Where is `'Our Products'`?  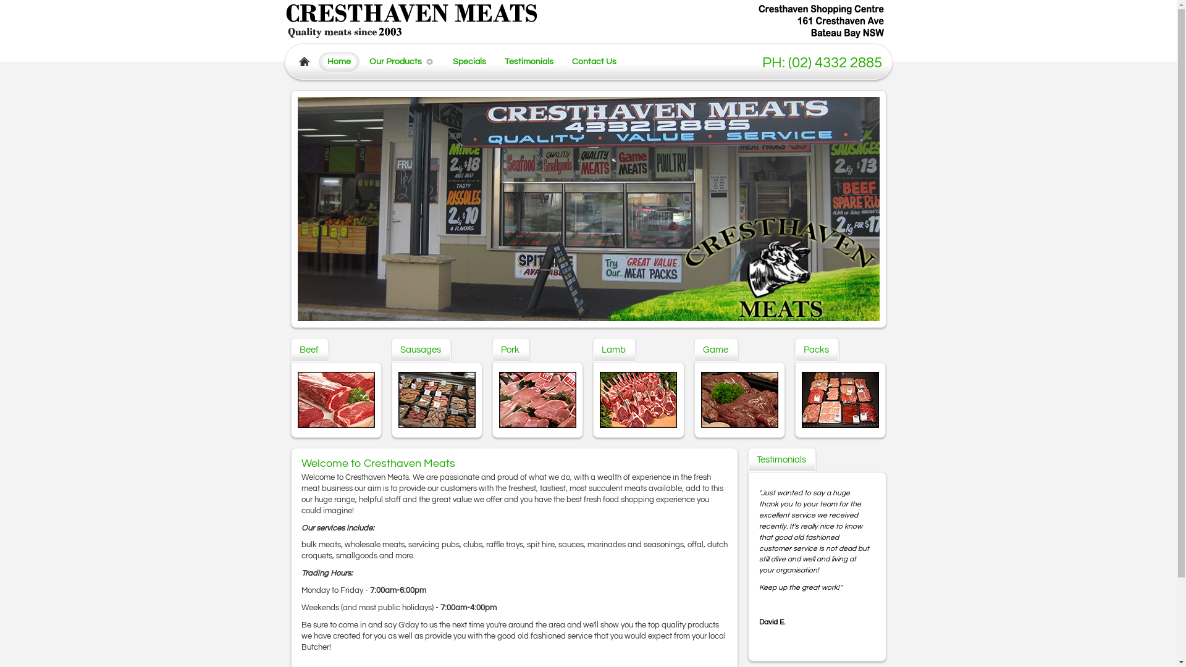
'Our Products' is located at coordinates (395, 61).